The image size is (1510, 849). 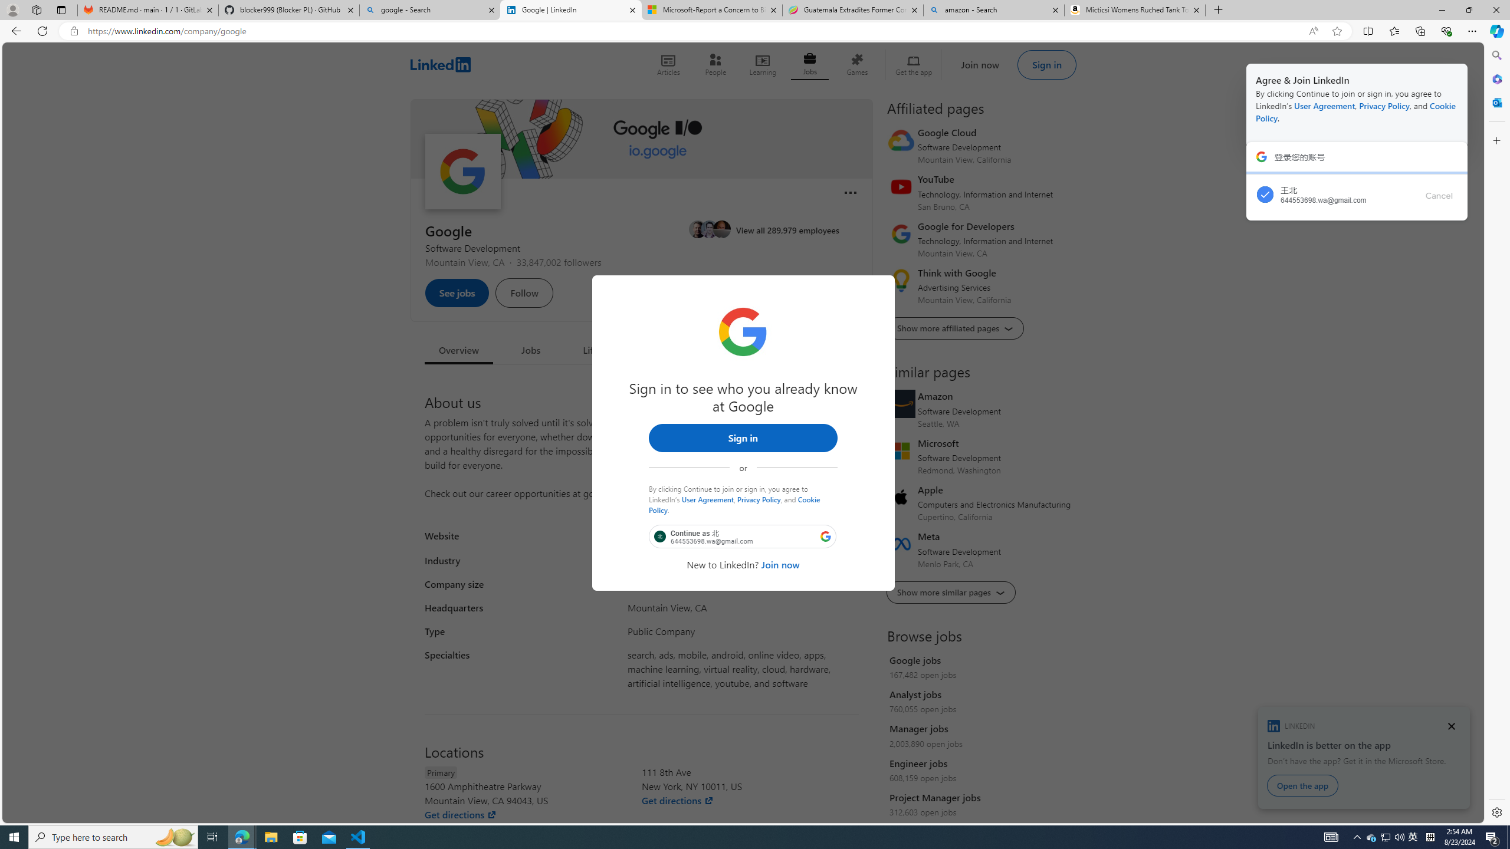 What do you see at coordinates (758, 499) in the screenshot?
I see `'Privacy Policy'` at bounding box center [758, 499].